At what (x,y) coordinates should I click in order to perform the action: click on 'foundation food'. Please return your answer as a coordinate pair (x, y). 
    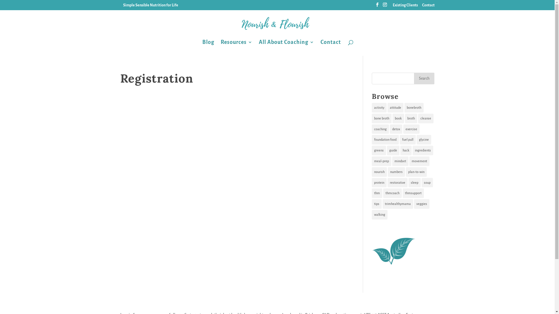
    Looking at the image, I should click on (385, 140).